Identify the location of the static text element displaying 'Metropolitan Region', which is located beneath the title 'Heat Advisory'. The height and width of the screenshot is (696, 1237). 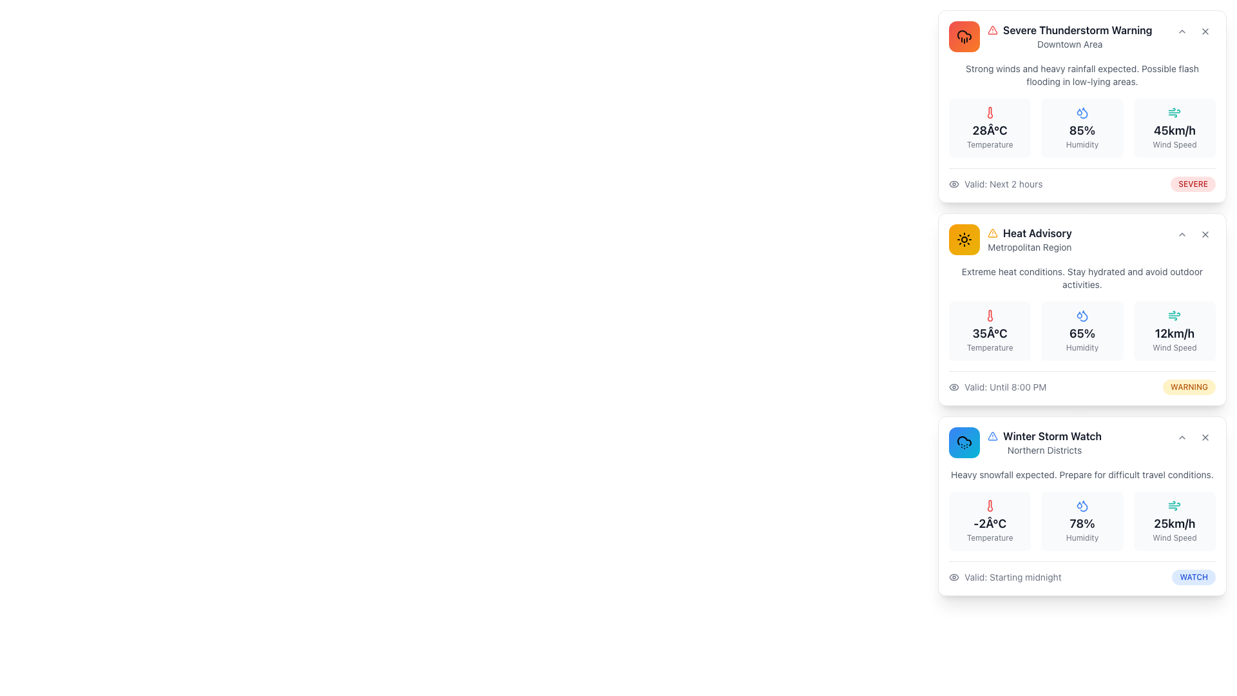
(1029, 247).